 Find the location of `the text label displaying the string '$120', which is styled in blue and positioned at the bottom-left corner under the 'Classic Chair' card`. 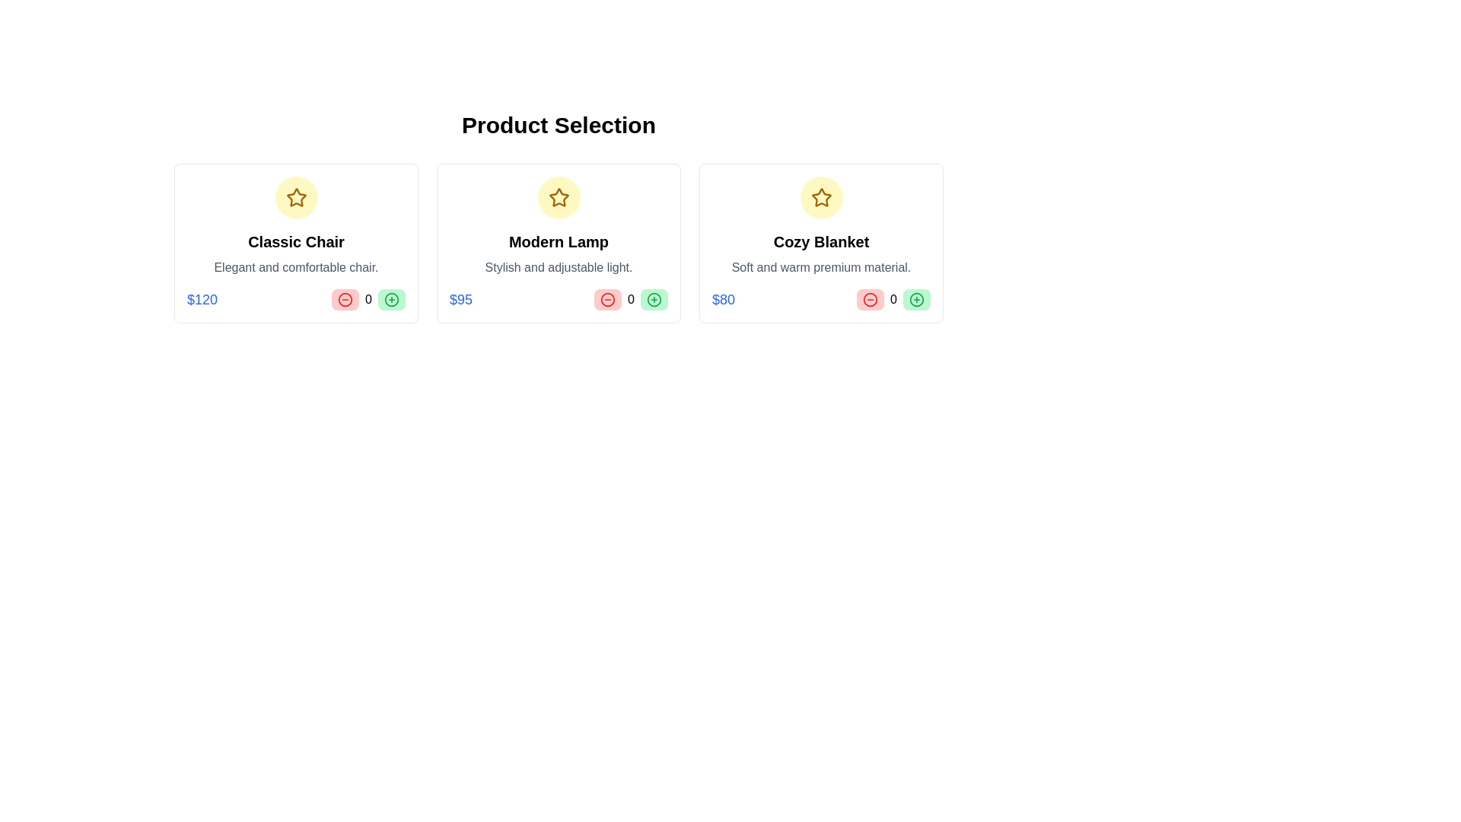

the text label displaying the string '$120', which is styled in blue and positioned at the bottom-left corner under the 'Classic Chair' card is located at coordinates (202, 299).